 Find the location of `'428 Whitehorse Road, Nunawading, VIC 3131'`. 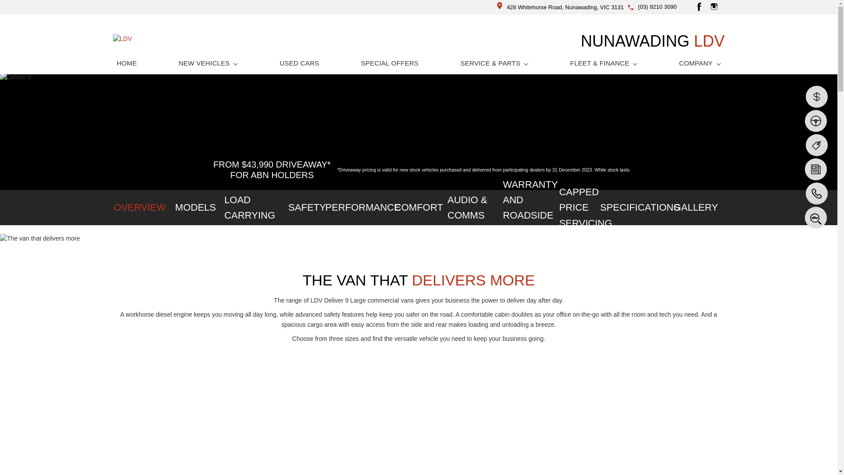

'428 Whitehorse Road, Nunawading, VIC 3131' is located at coordinates (560, 7).